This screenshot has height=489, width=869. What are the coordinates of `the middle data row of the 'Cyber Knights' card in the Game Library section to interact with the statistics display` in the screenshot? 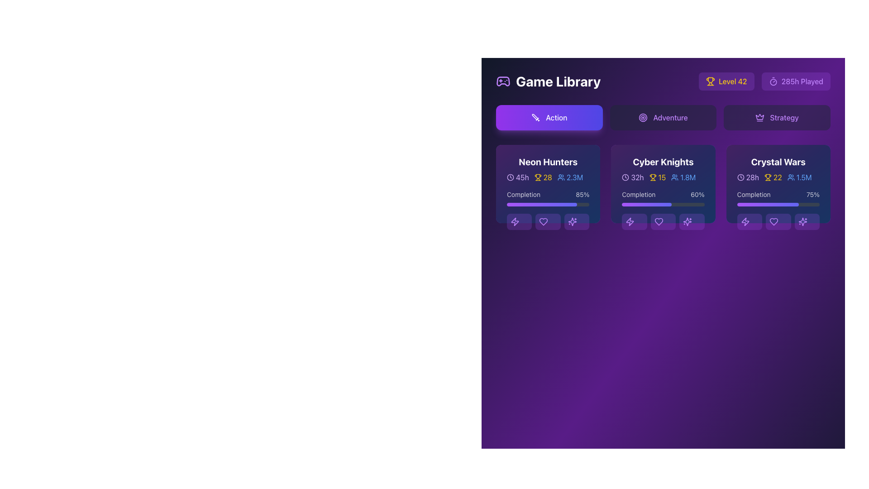 It's located at (663, 177).